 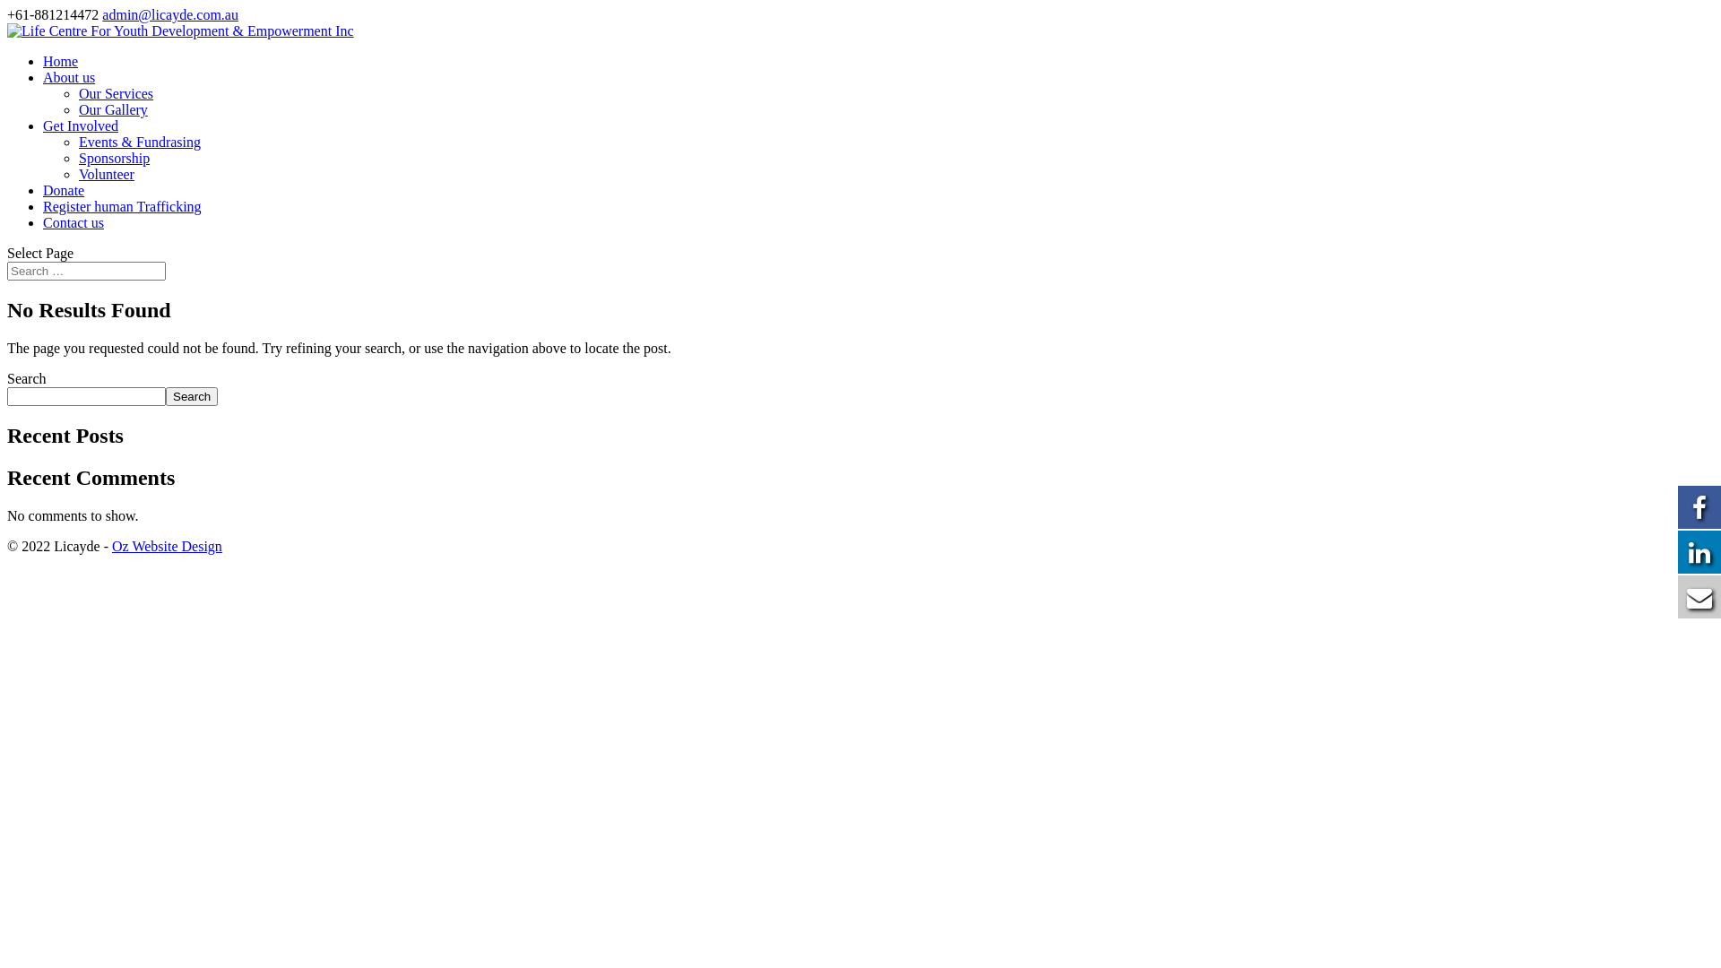 What do you see at coordinates (80, 125) in the screenshot?
I see `'Get Involved'` at bounding box center [80, 125].